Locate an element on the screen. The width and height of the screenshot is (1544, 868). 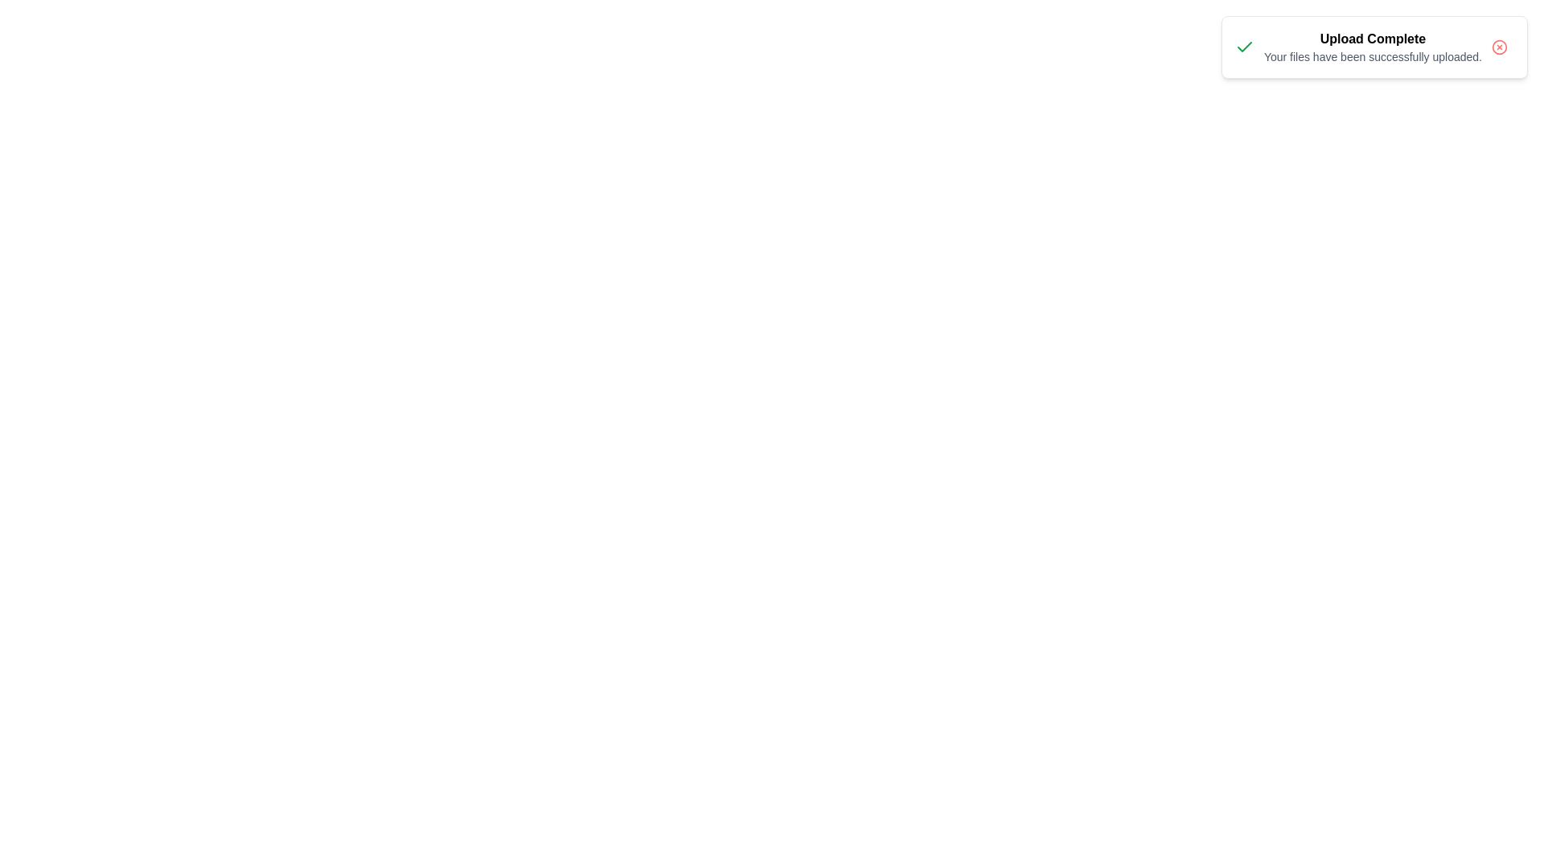
the notification panel is located at coordinates (1373, 46).